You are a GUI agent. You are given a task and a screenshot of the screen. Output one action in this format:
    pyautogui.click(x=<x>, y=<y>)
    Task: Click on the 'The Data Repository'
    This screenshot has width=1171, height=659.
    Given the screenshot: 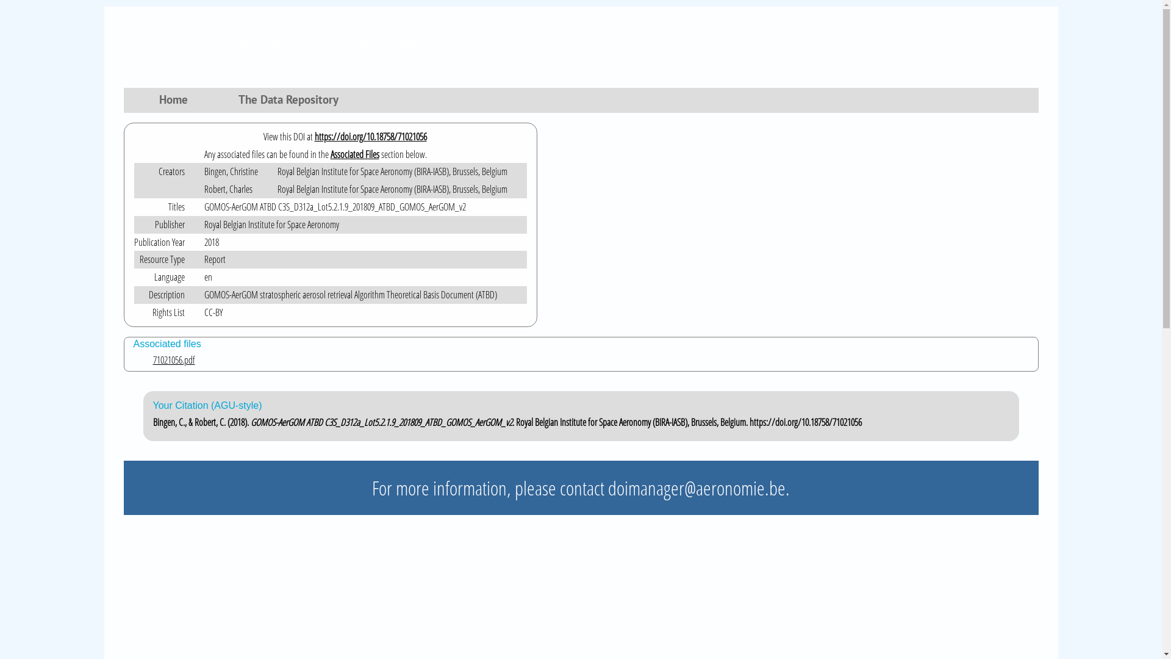 What is the action you would take?
    pyautogui.click(x=231, y=102)
    